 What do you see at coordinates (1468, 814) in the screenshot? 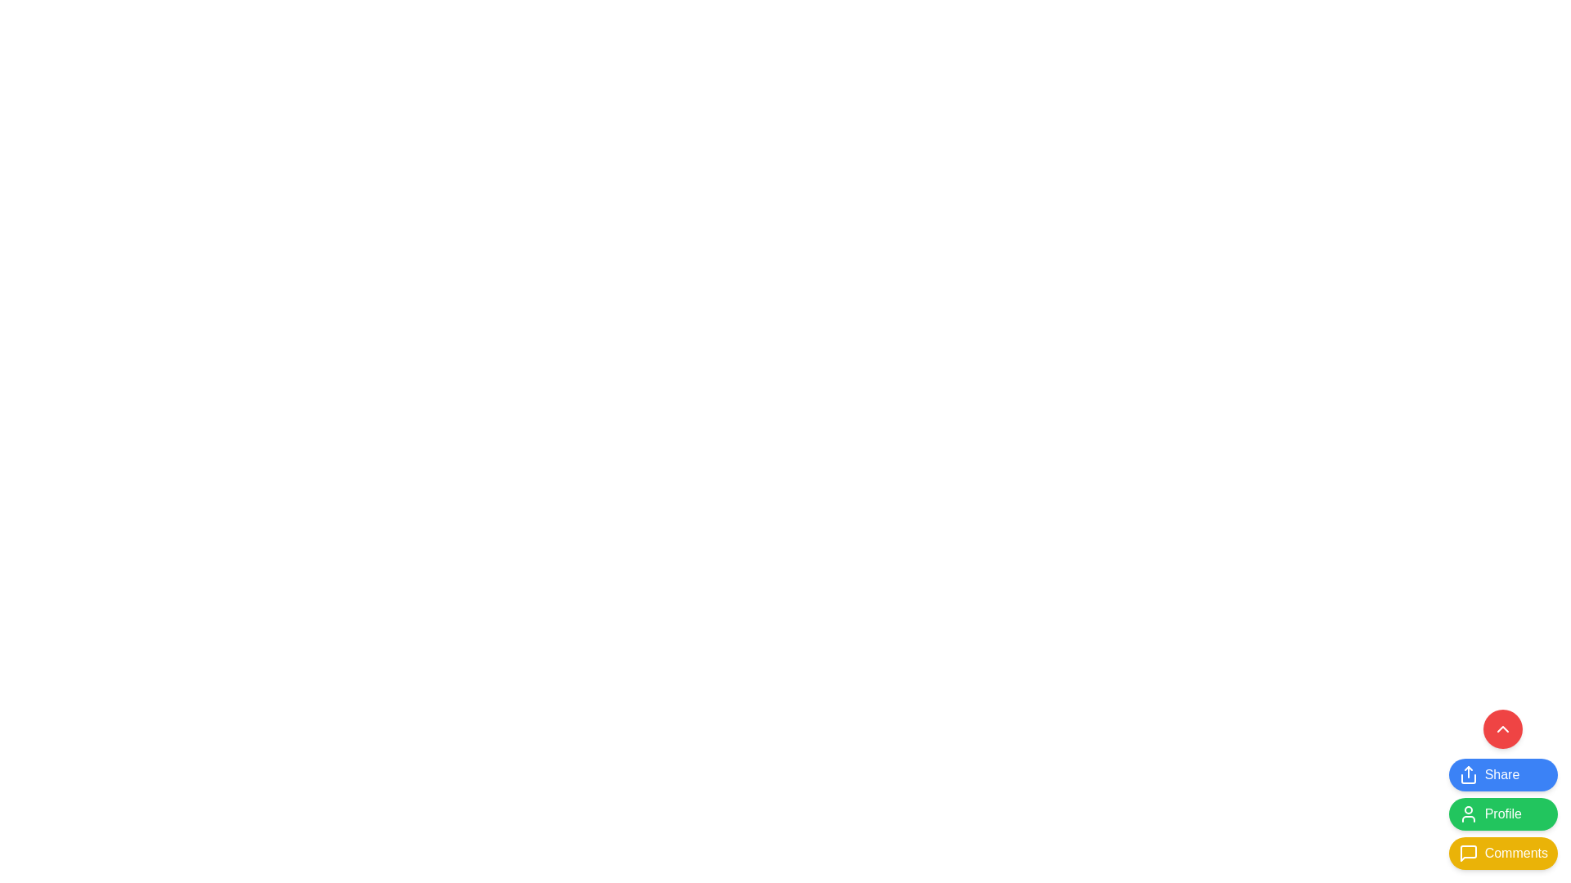
I see `the user icon within the green 'Profile' button located at the bottom right of the interface` at bounding box center [1468, 814].